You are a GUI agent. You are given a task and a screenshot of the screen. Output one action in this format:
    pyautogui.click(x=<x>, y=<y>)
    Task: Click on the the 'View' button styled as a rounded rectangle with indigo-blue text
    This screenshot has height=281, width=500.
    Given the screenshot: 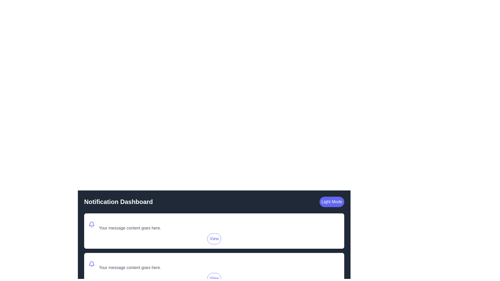 What is the action you would take?
    pyautogui.click(x=214, y=239)
    